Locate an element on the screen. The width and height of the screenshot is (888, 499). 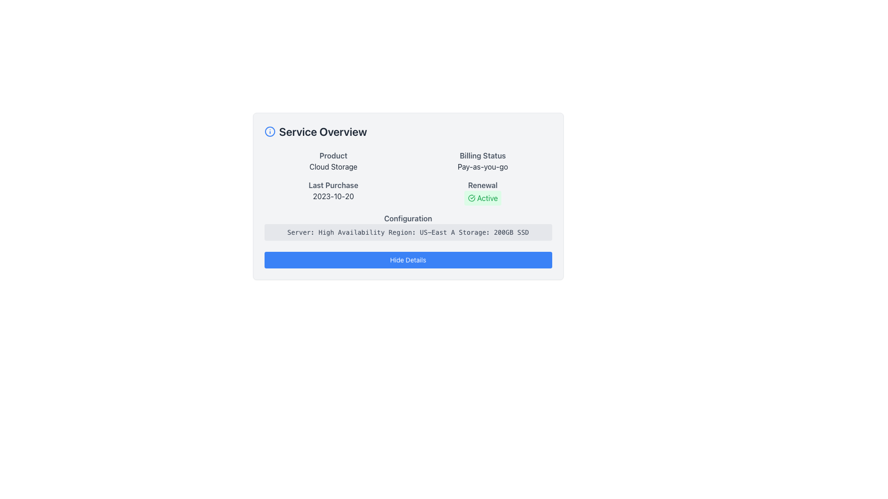
the Informational Display located within the 'Service Overview' section is located at coordinates (407, 195).